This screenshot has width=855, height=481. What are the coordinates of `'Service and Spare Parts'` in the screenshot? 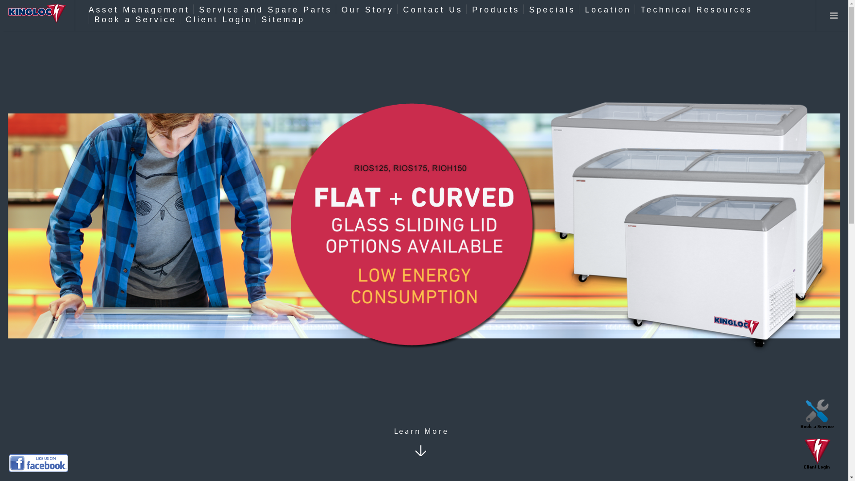 It's located at (265, 10).